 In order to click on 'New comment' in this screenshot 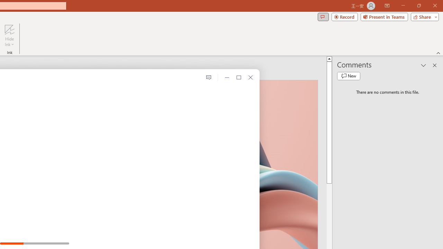, I will do `click(349, 76)`.